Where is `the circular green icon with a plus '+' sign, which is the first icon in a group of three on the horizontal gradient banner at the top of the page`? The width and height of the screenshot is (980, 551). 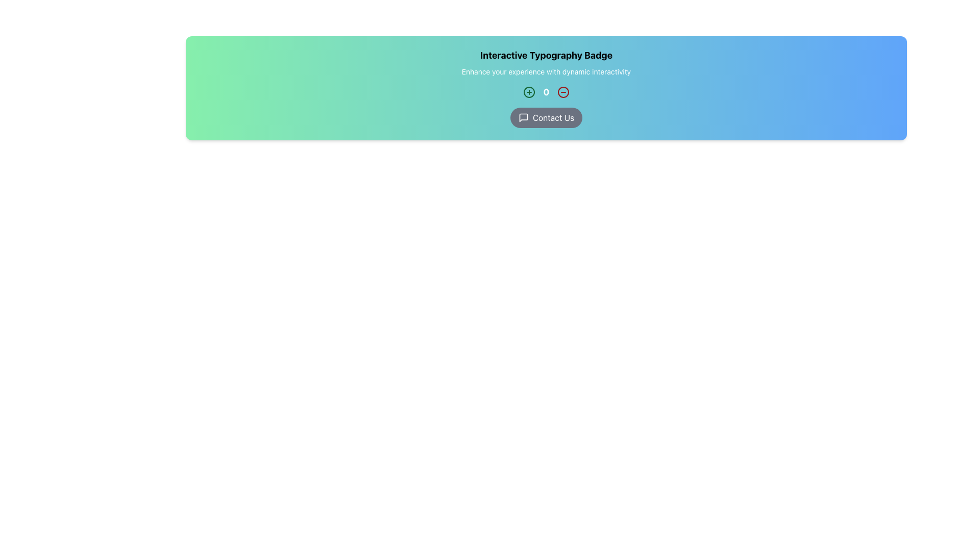
the circular green icon with a plus '+' sign, which is the first icon in a group of three on the horizontal gradient banner at the top of the page is located at coordinates (529, 92).